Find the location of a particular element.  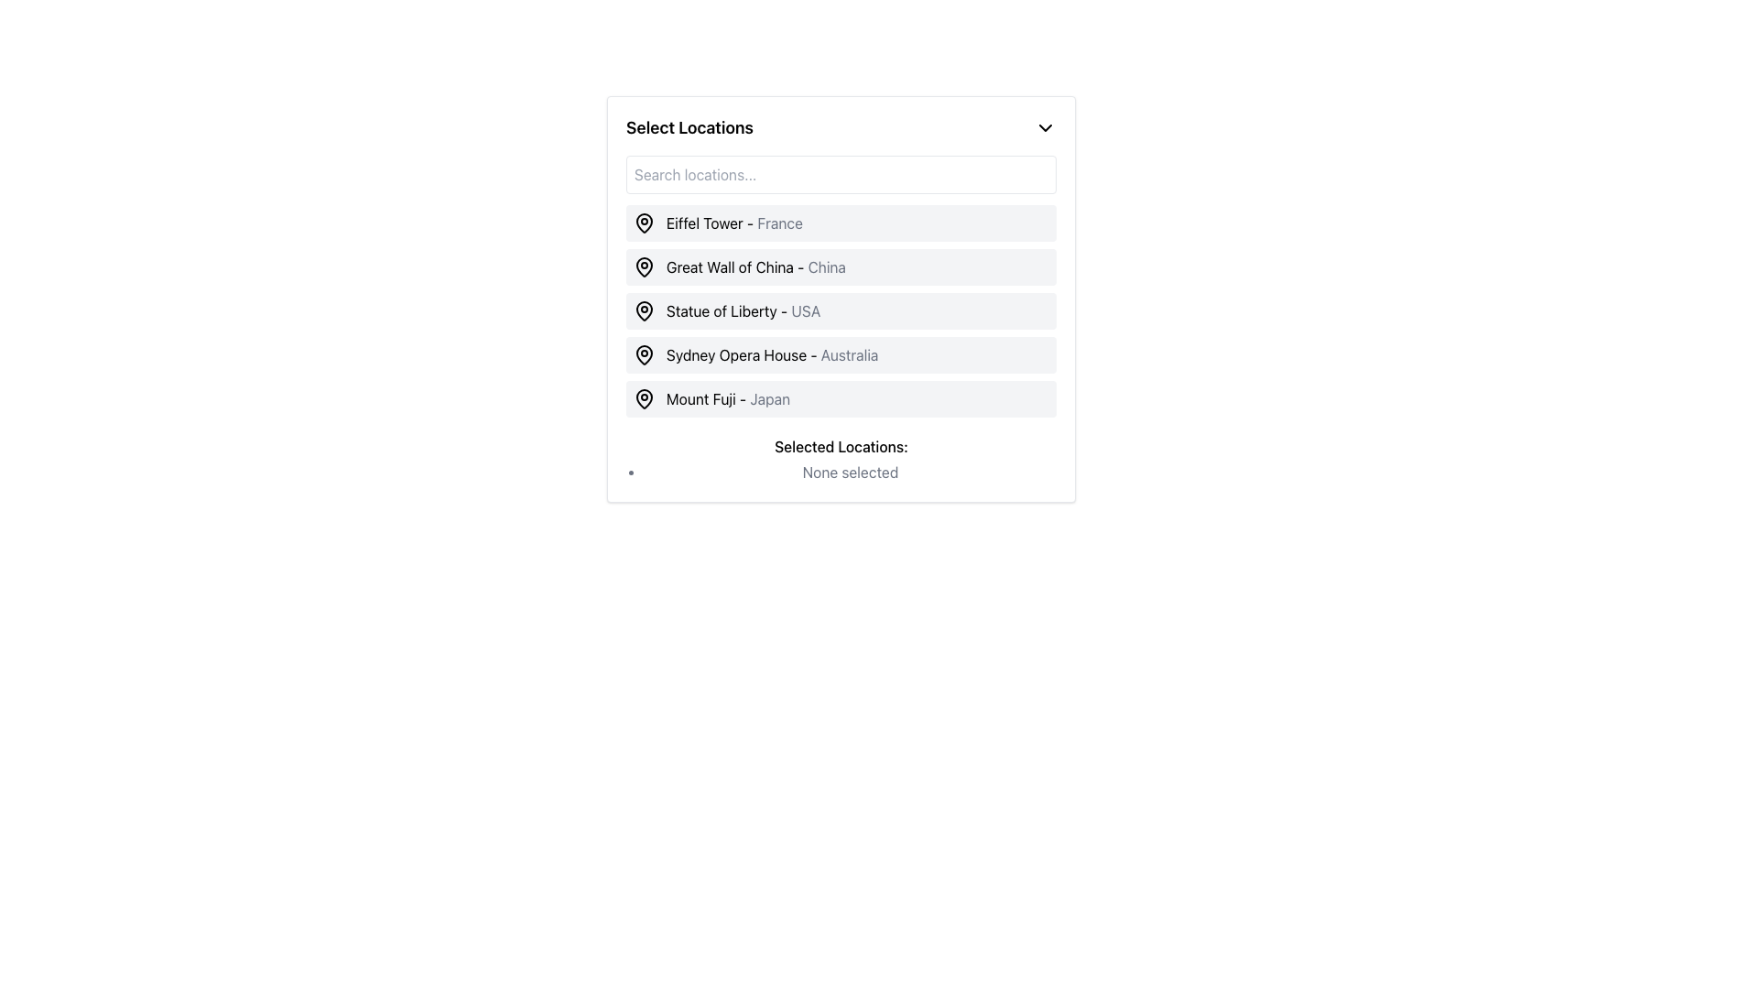

the third selectable list item labeled 'Statue of Liberty - USA' is located at coordinates (840, 310).